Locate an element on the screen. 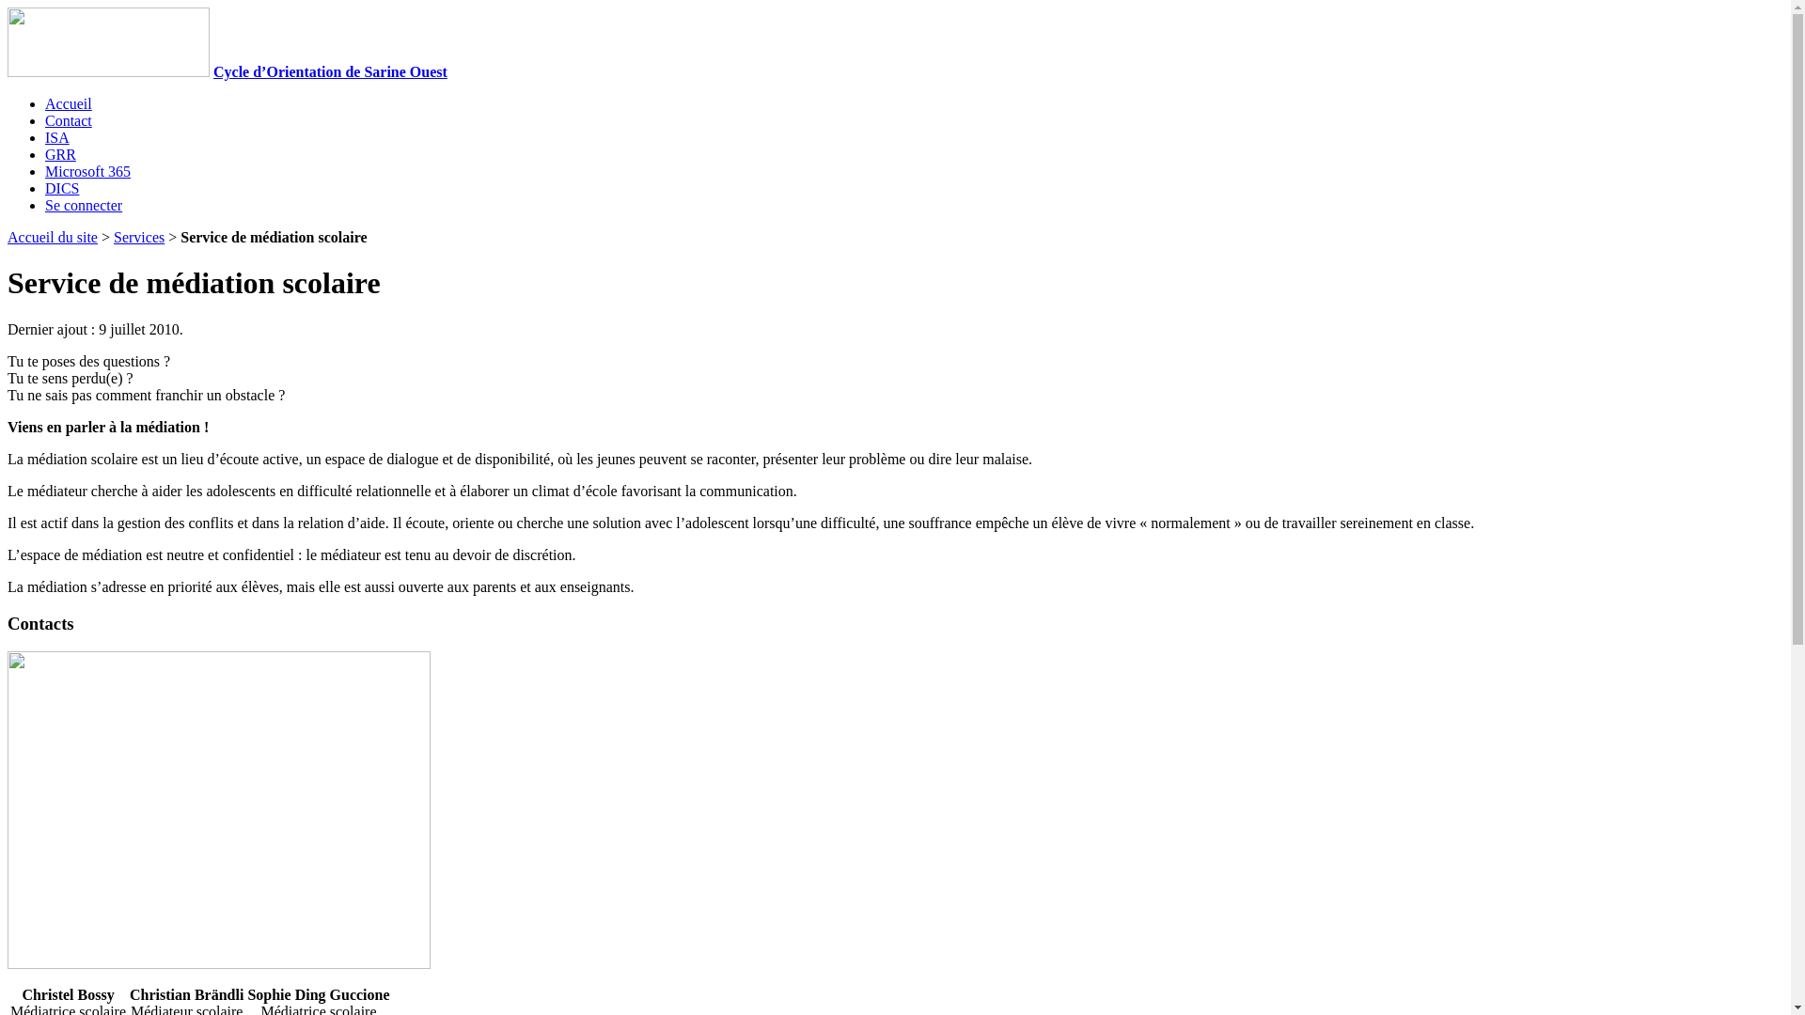 The height and width of the screenshot is (1015, 1805). 'Accueil' is located at coordinates (45, 103).